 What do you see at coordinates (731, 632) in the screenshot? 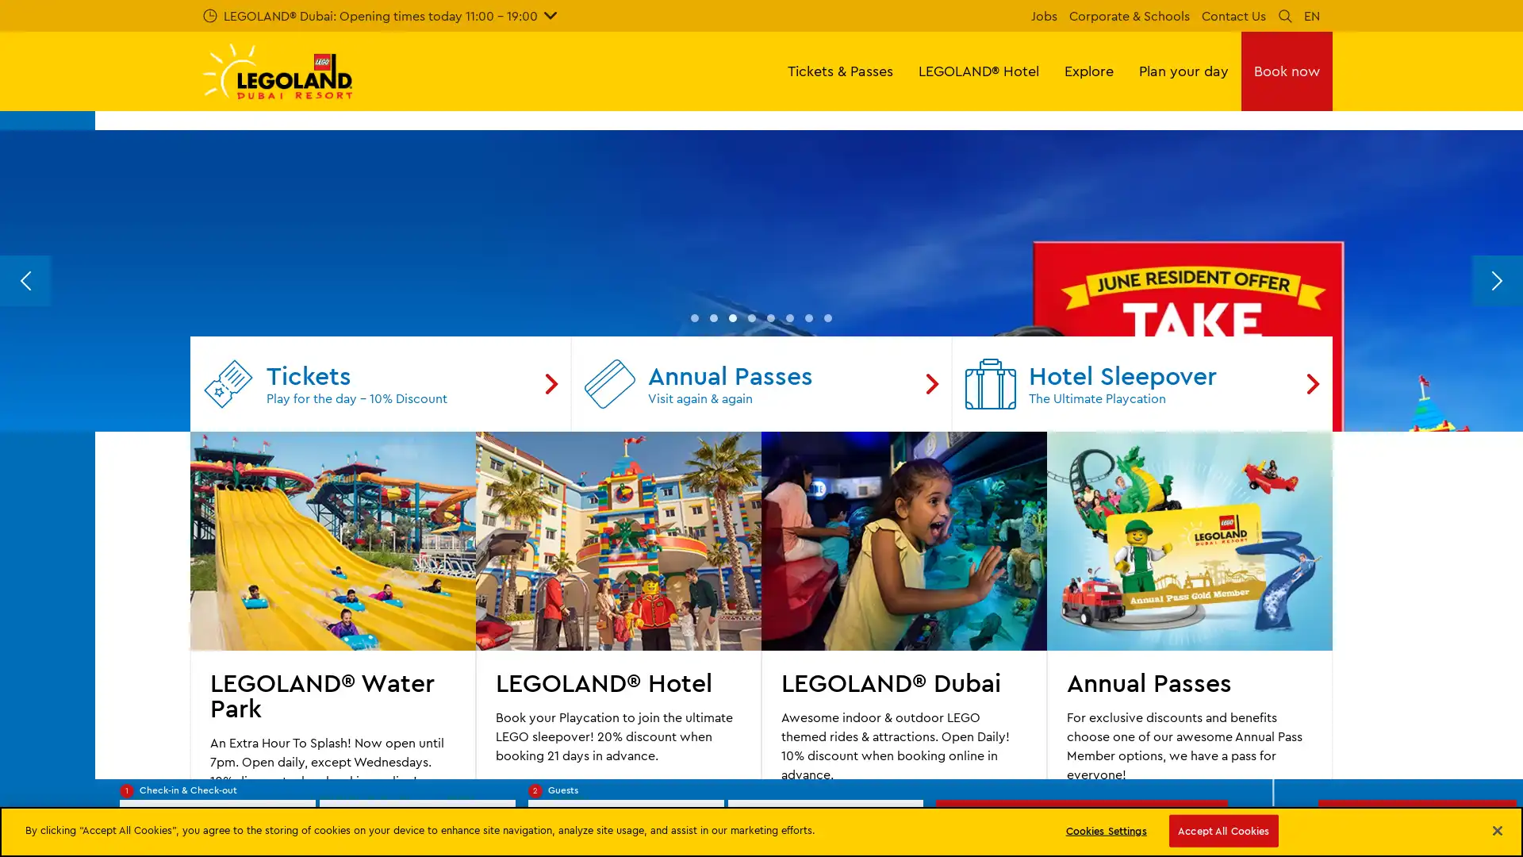
I see `Go to slide 3` at bounding box center [731, 632].